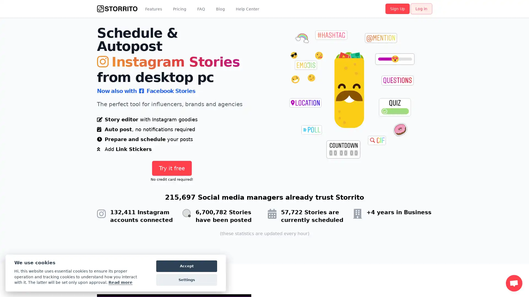 The height and width of the screenshot is (297, 529). What do you see at coordinates (187, 266) in the screenshot?
I see `Accept` at bounding box center [187, 266].